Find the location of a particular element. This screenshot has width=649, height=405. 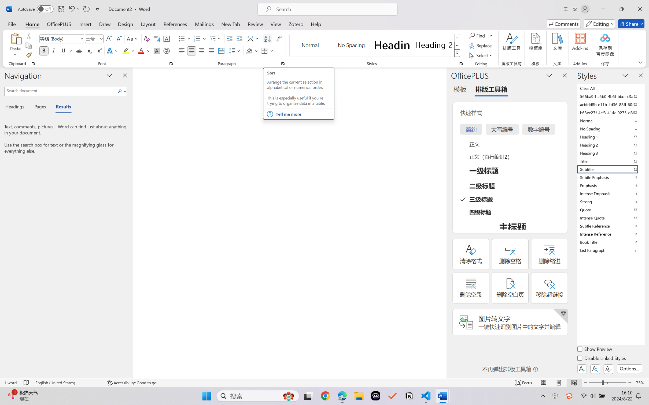

'Ribbon Display Options' is located at coordinates (640, 62).